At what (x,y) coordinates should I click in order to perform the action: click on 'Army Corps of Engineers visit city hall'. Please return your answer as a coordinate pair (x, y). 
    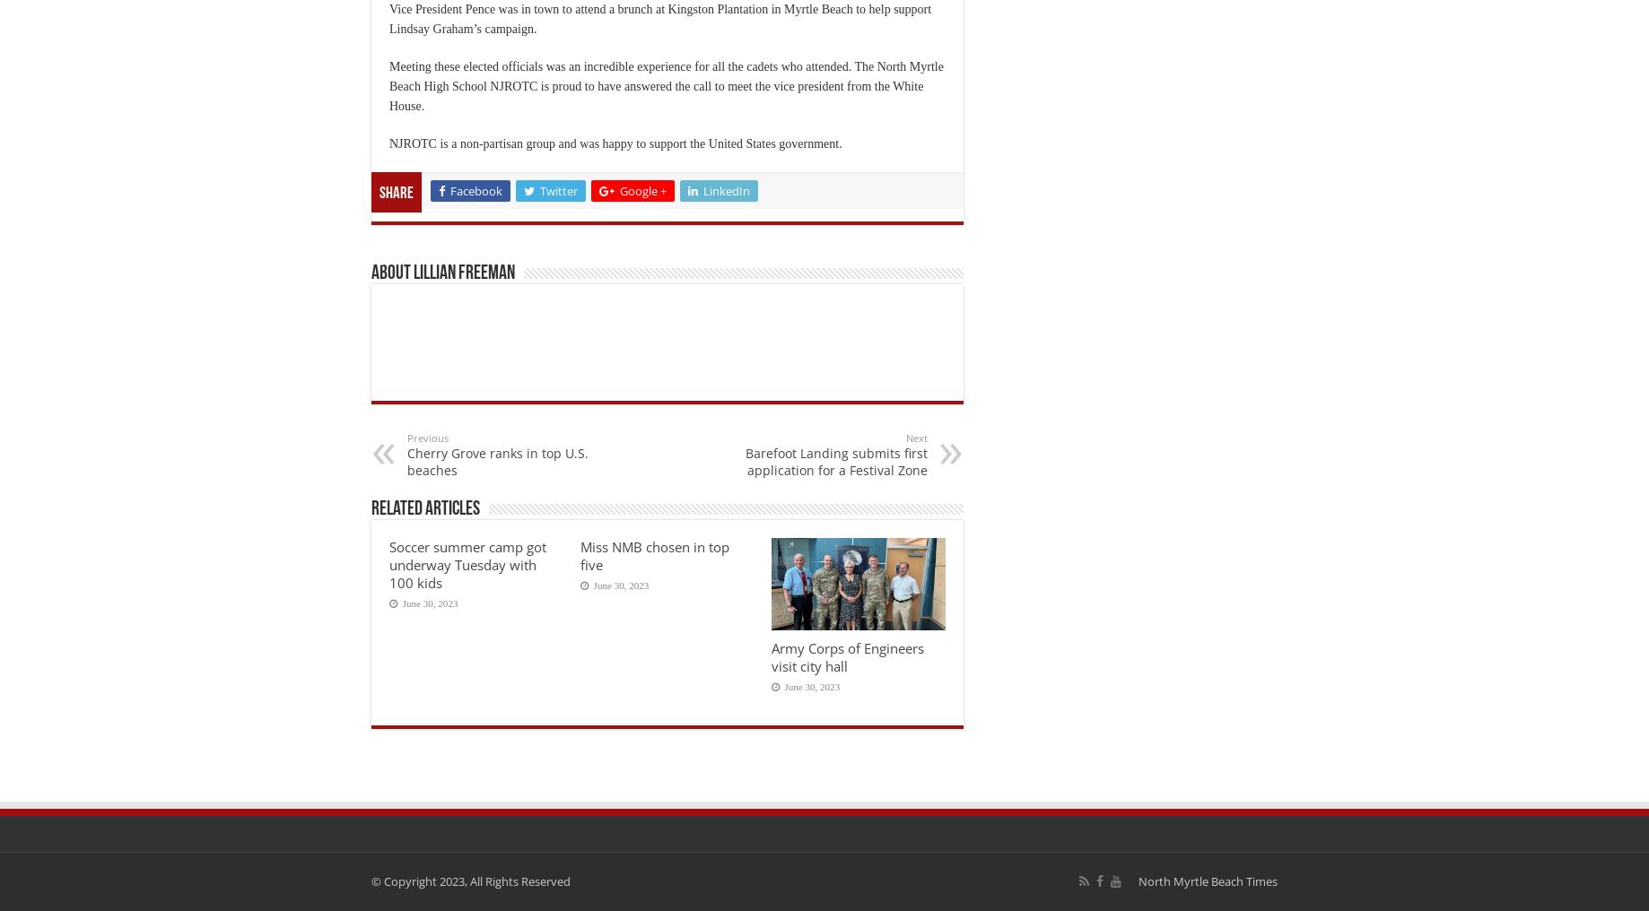
    Looking at the image, I should click on (846, 657).